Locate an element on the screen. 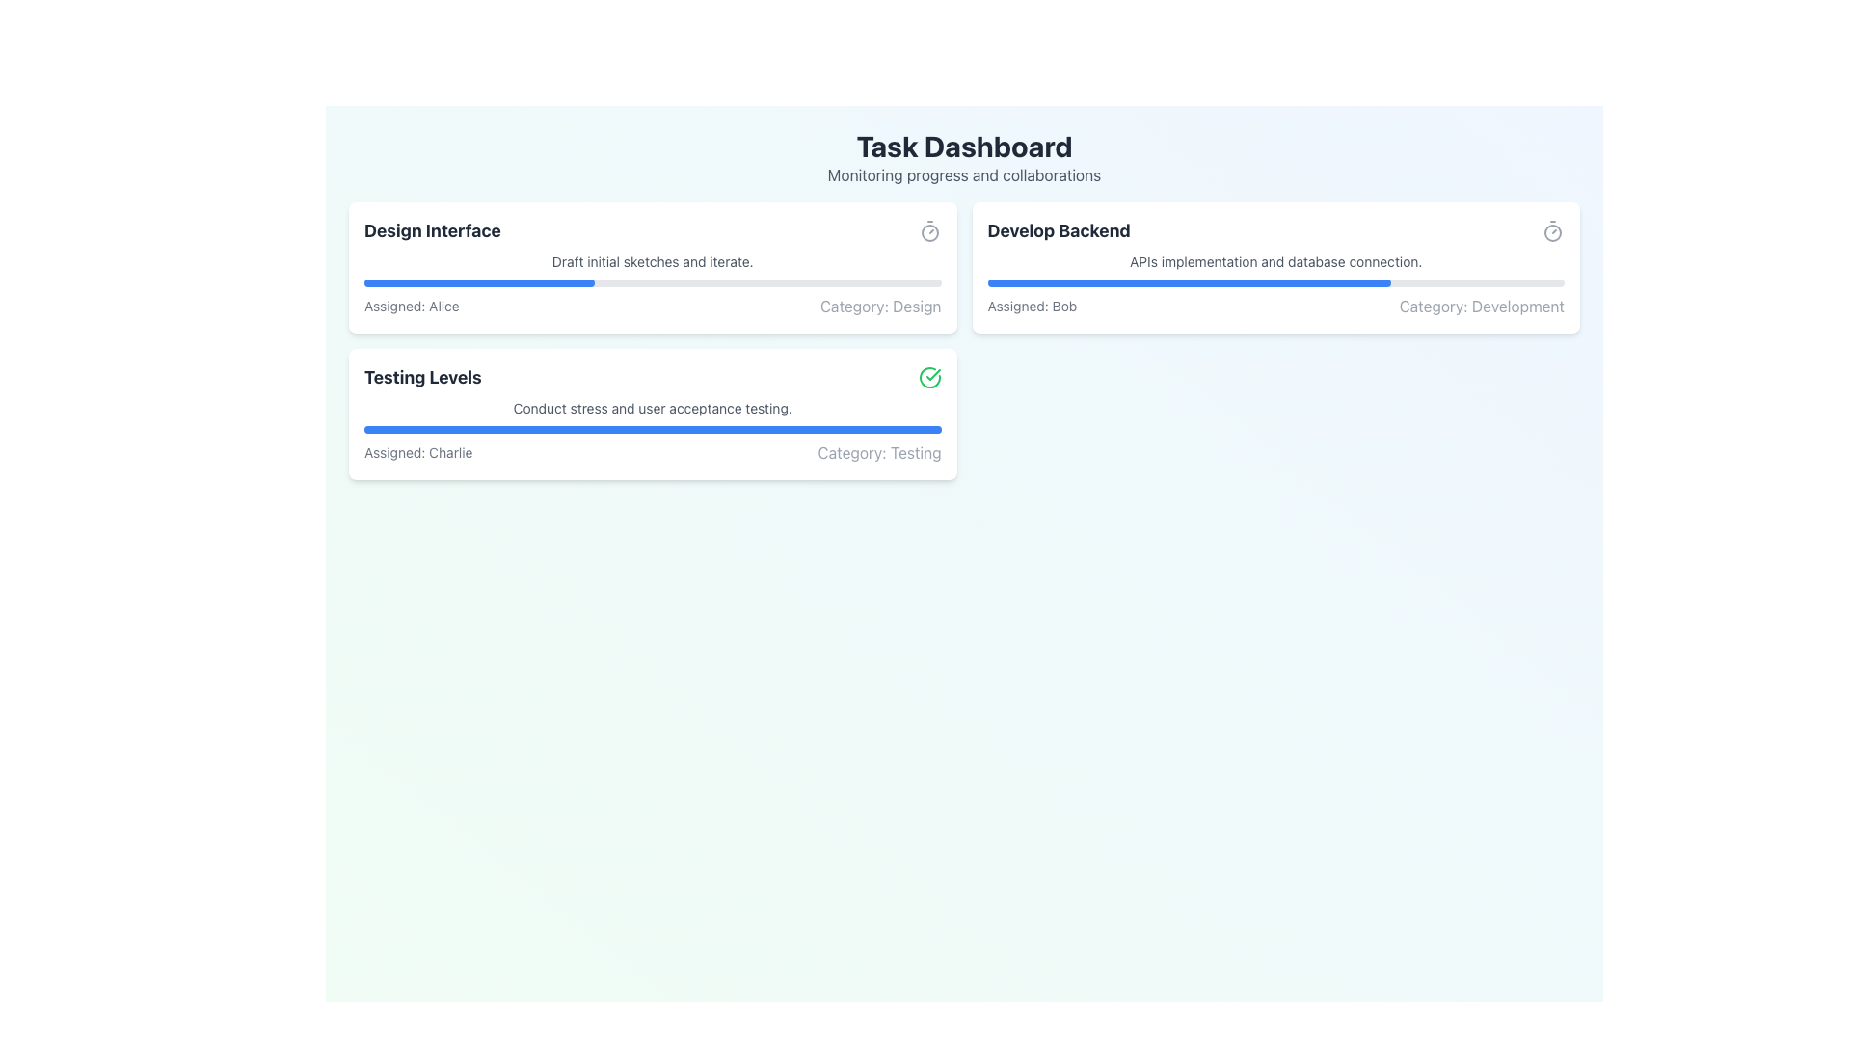 The height and width of the screenshot is (1041, 1851). the progress bar value is located at coordinates (1080, 282).